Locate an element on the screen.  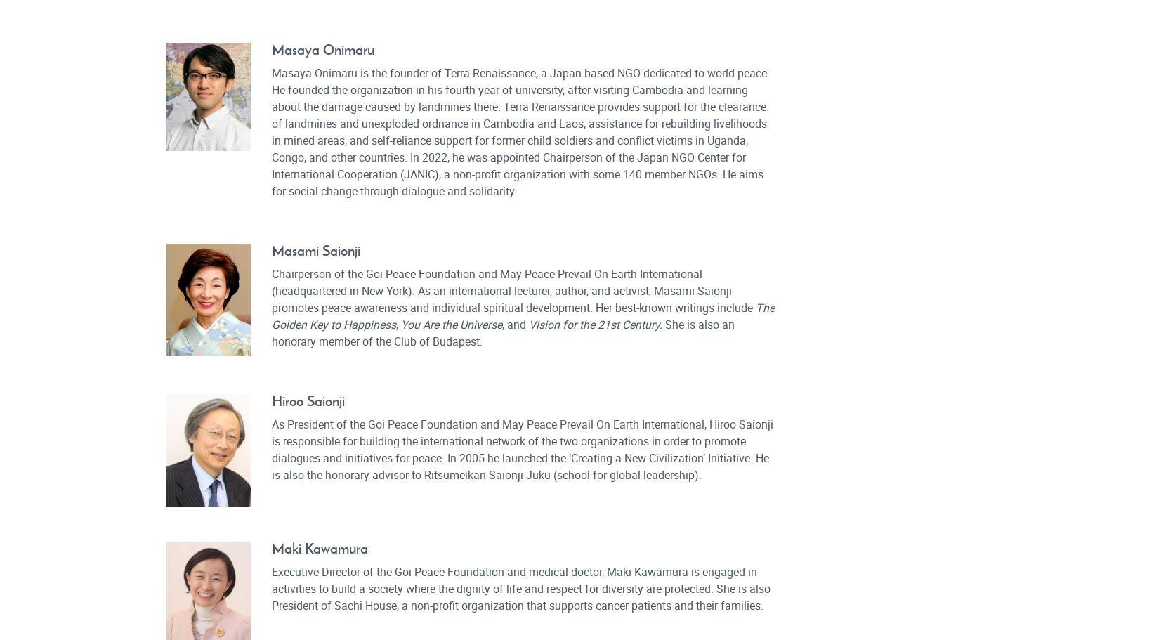
',' is located at coordinates (398, 323).